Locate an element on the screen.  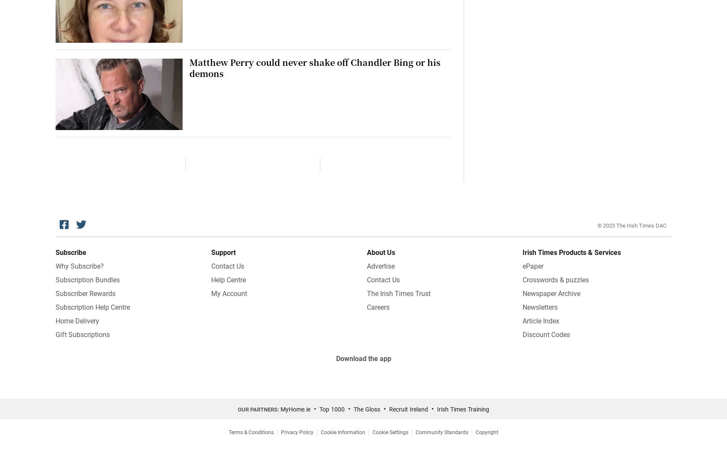
'Cookie Information' is located at coordinates (343, 432).